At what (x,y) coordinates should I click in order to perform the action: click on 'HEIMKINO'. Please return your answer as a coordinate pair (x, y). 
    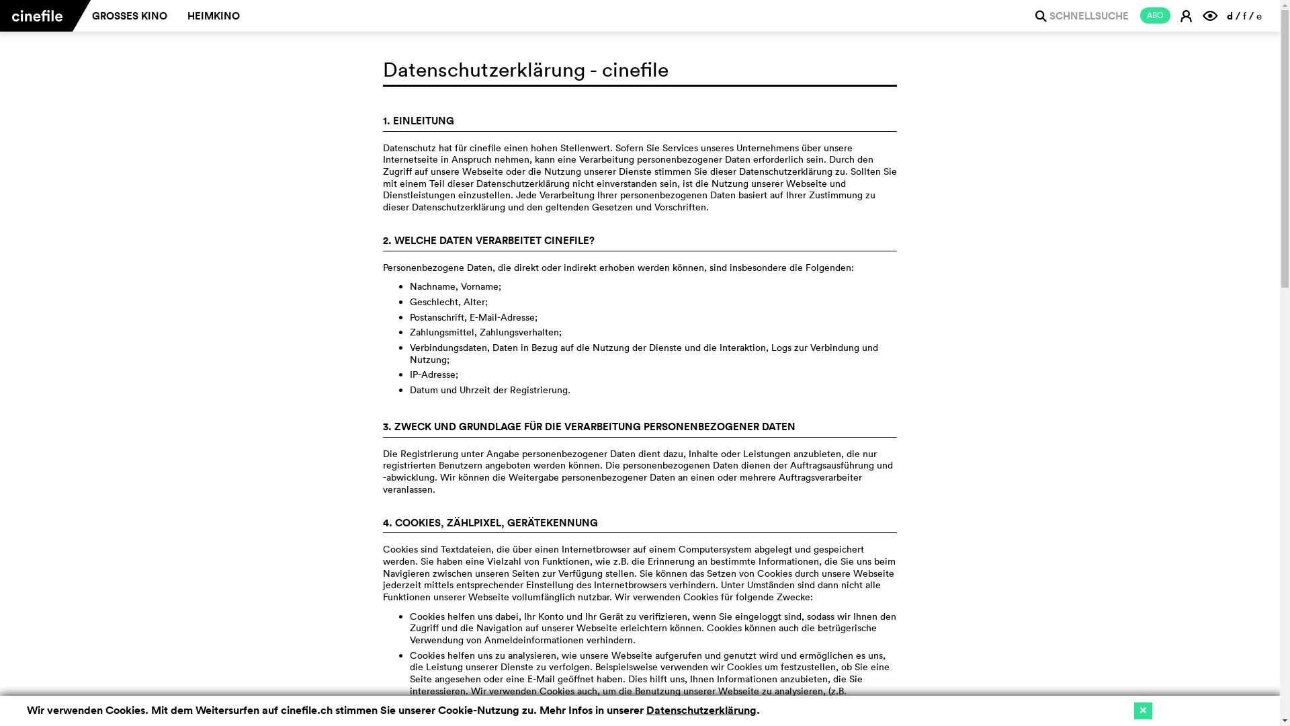
    Looking at the image, I should click on (212, 15).